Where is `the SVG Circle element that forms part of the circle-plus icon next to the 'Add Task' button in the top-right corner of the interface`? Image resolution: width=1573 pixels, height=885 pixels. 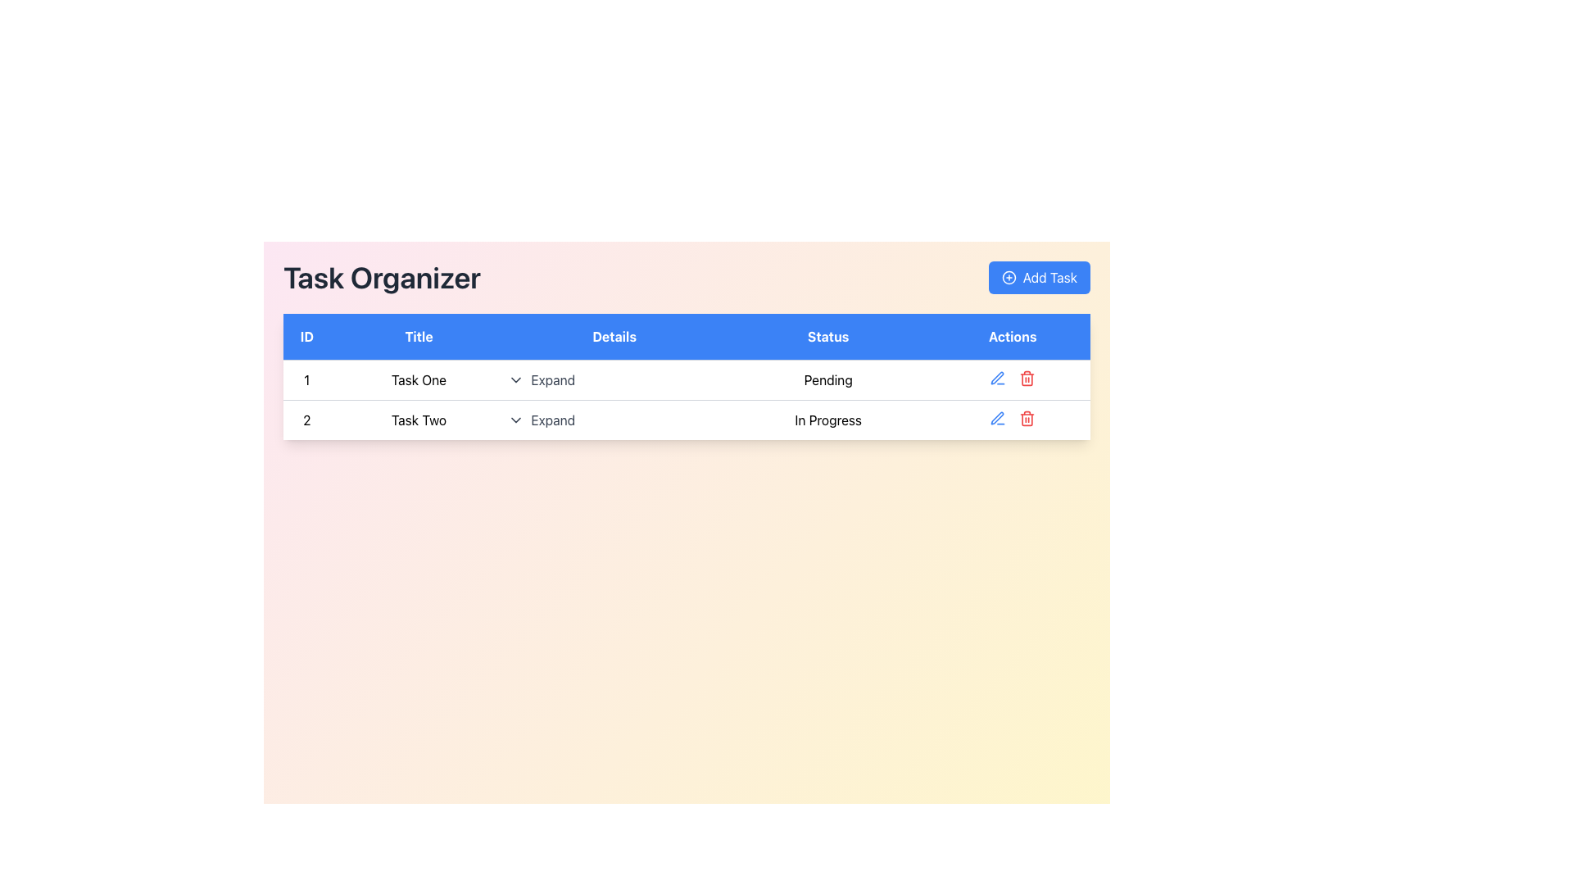
the SVG Circle element that forms part of the circle-plus icon next to the 'Add Task' button in the top-right corner of the interface is located at coordinates (1008, 277).